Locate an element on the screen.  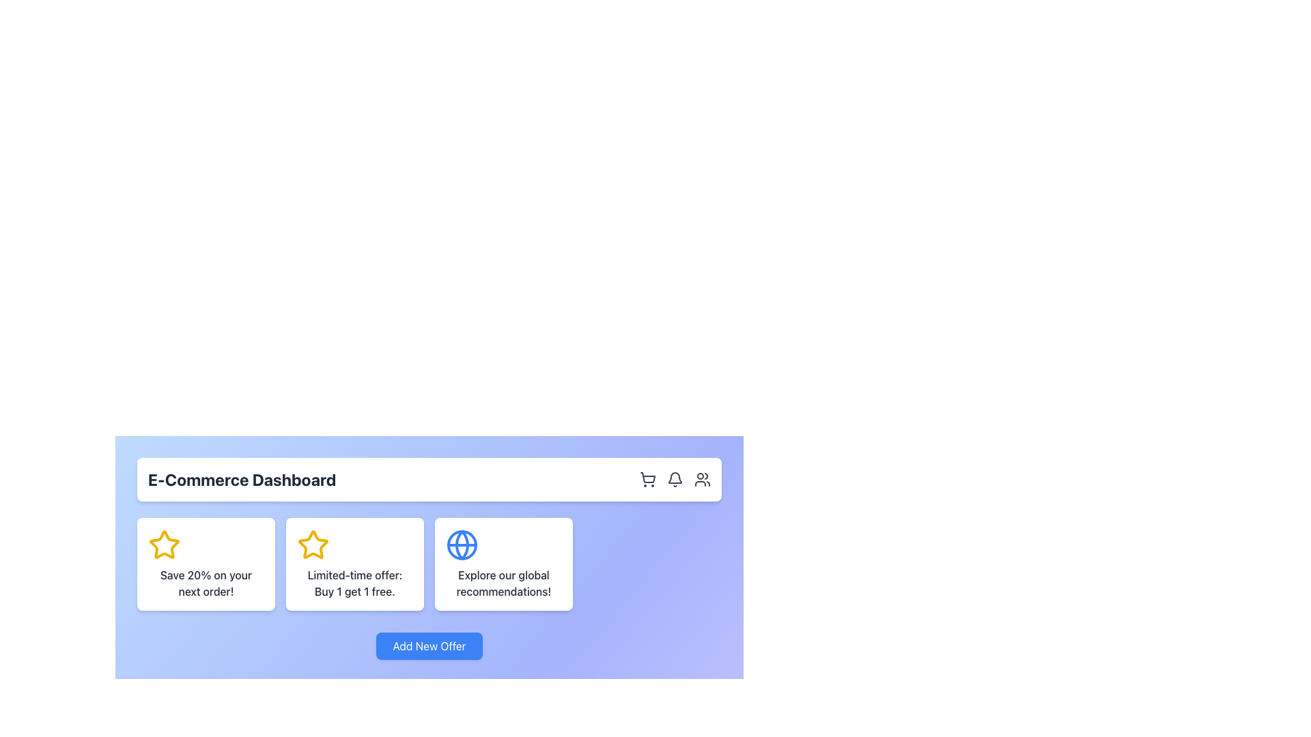
the 'Add New Offer' button located below the grid of promotional cards in the e-commerce dashboard interface is located at coordinates (428, 646).